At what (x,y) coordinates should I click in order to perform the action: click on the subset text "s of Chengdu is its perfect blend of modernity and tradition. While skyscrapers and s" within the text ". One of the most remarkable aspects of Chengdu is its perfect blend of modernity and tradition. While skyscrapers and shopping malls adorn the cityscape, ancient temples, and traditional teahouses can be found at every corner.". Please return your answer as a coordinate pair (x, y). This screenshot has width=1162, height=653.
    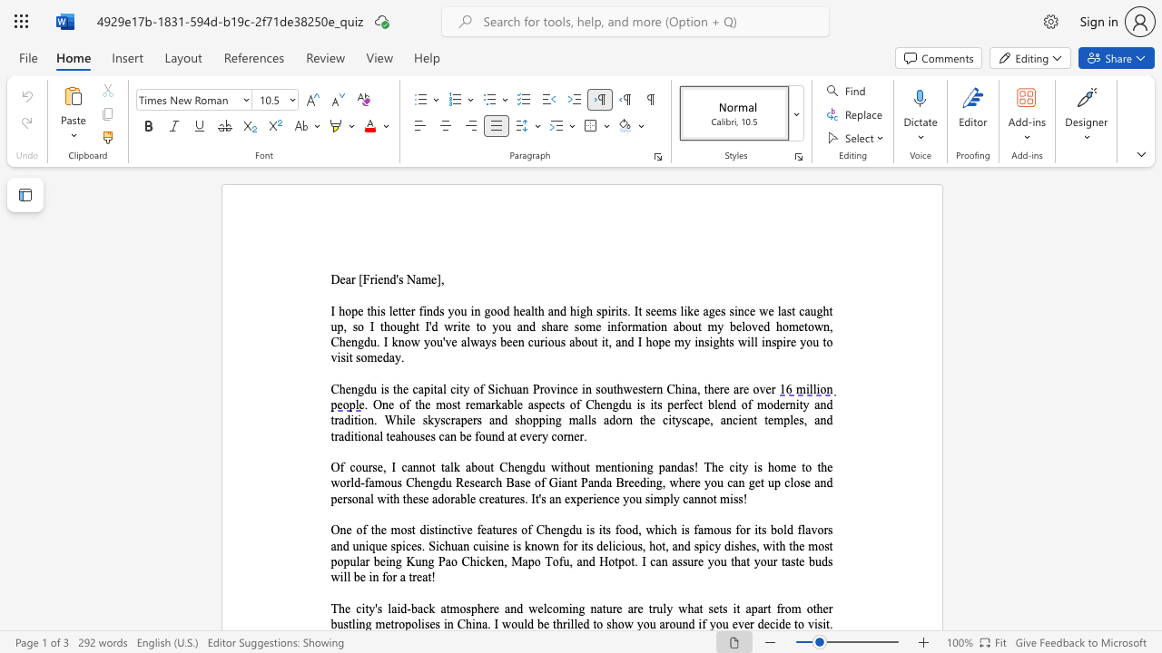
    Looking at the image, I should click on (558, 404).